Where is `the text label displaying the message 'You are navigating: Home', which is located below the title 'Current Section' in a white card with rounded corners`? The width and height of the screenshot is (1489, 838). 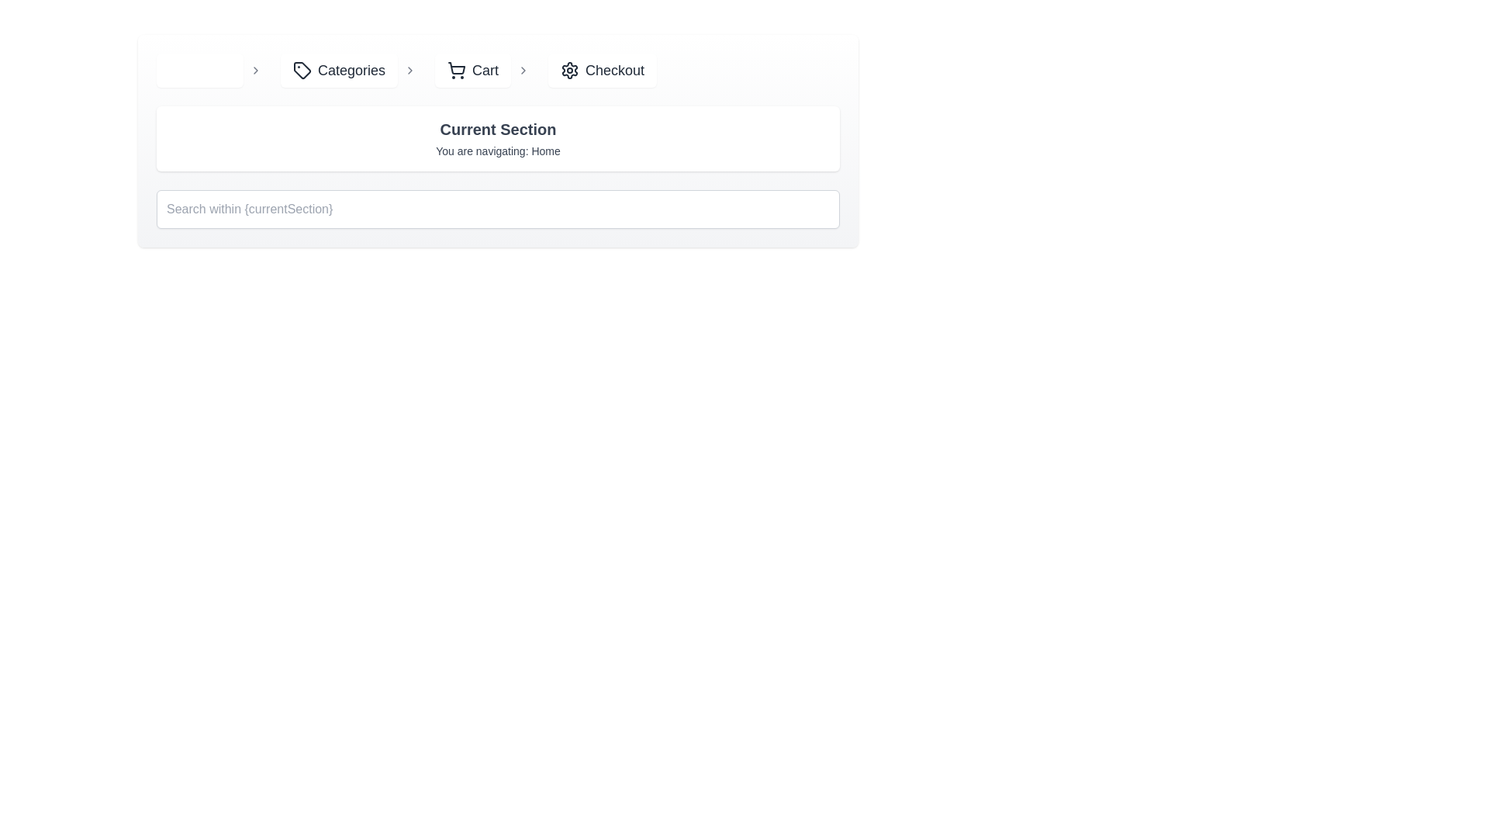 the text label displaying the message 'You are navigating: Home', which is located below the title 'Current Section' in a white card with rounded corners is located at coordinates (498, 151).